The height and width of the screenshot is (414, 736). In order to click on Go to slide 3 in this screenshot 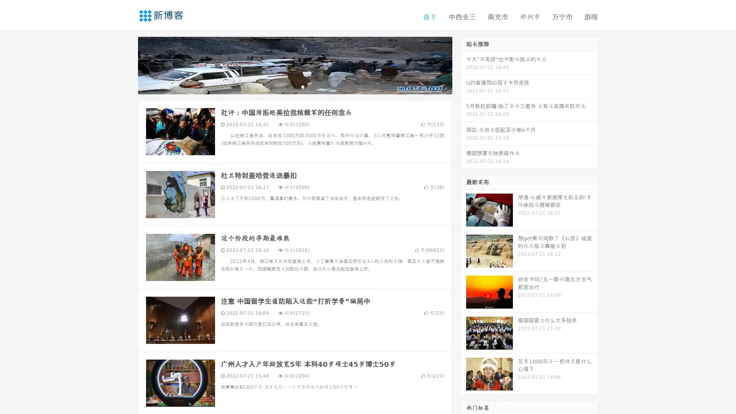, I will do `click(302, 86)`.